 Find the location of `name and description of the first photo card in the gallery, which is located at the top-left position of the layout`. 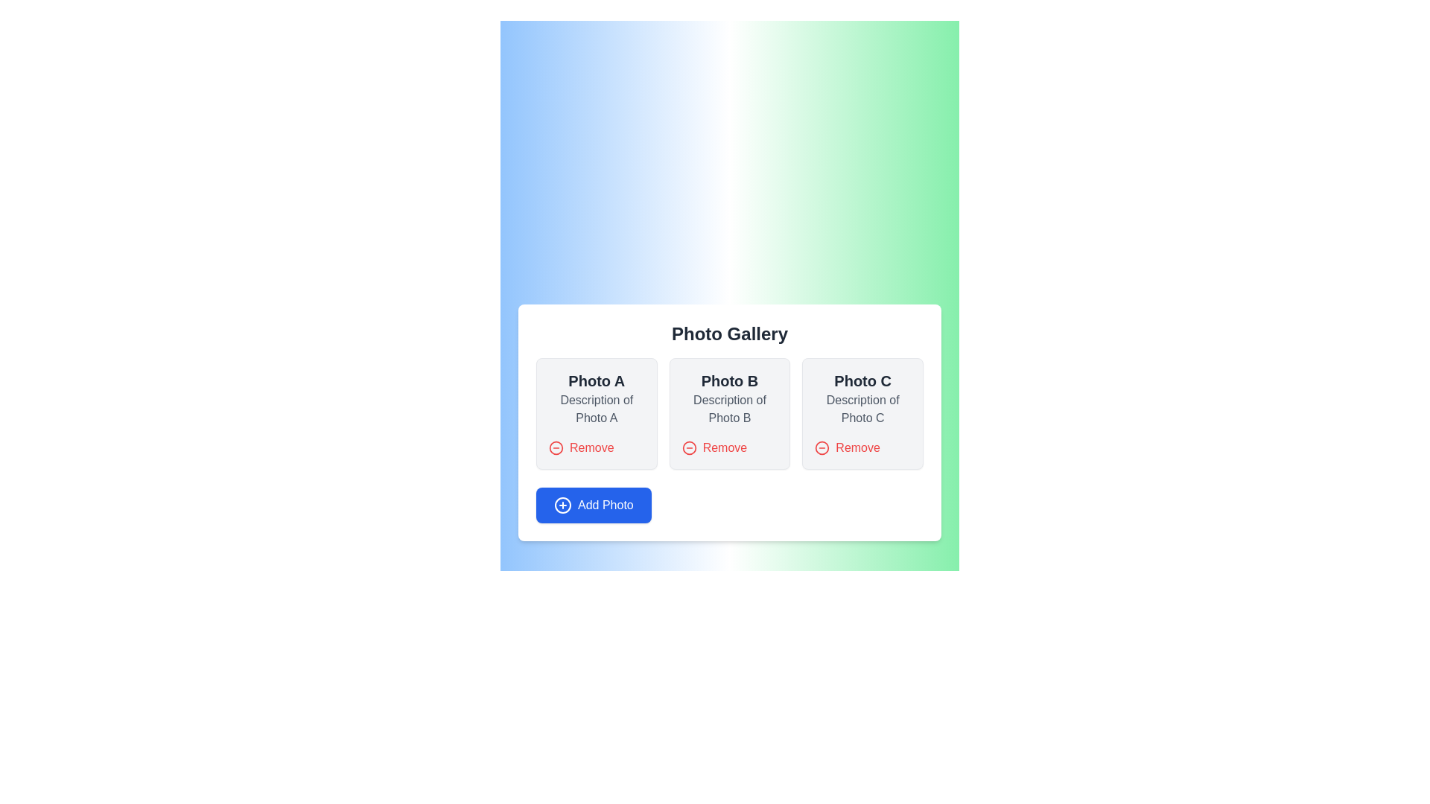

name and description of the first photo card in the gallery, which is located at the top-left position of the layout is located at coordinates (597, 413).